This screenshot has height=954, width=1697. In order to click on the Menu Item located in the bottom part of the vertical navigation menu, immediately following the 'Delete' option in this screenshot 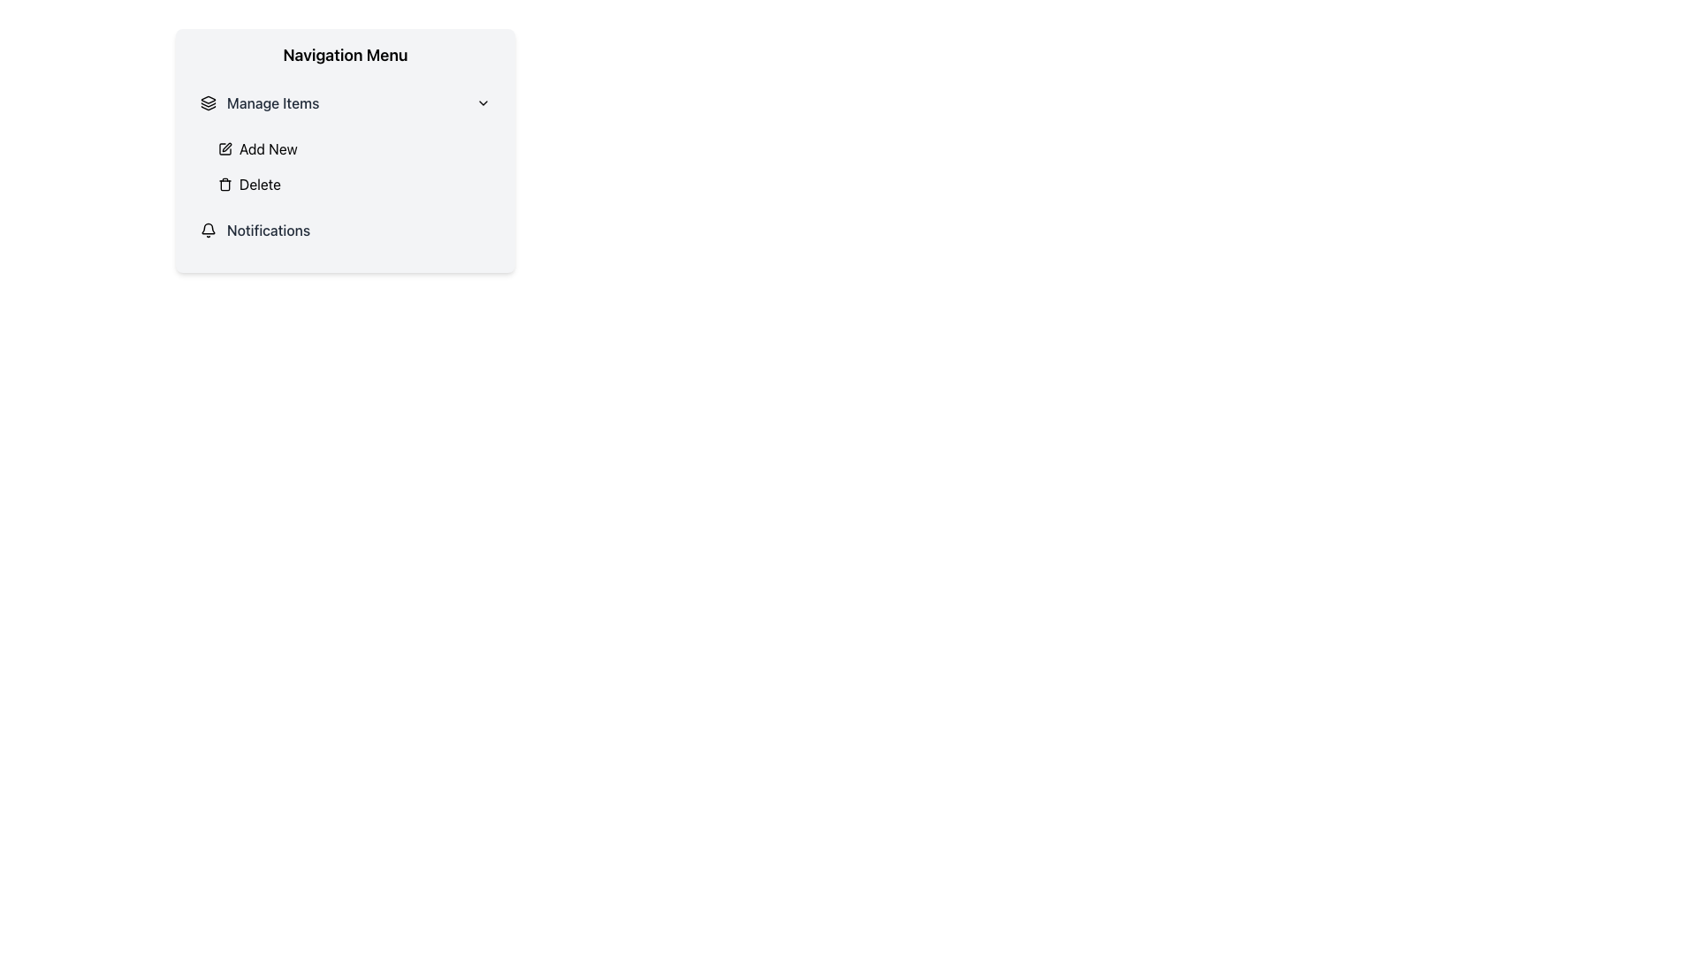, I will do `click(345, 230)`.